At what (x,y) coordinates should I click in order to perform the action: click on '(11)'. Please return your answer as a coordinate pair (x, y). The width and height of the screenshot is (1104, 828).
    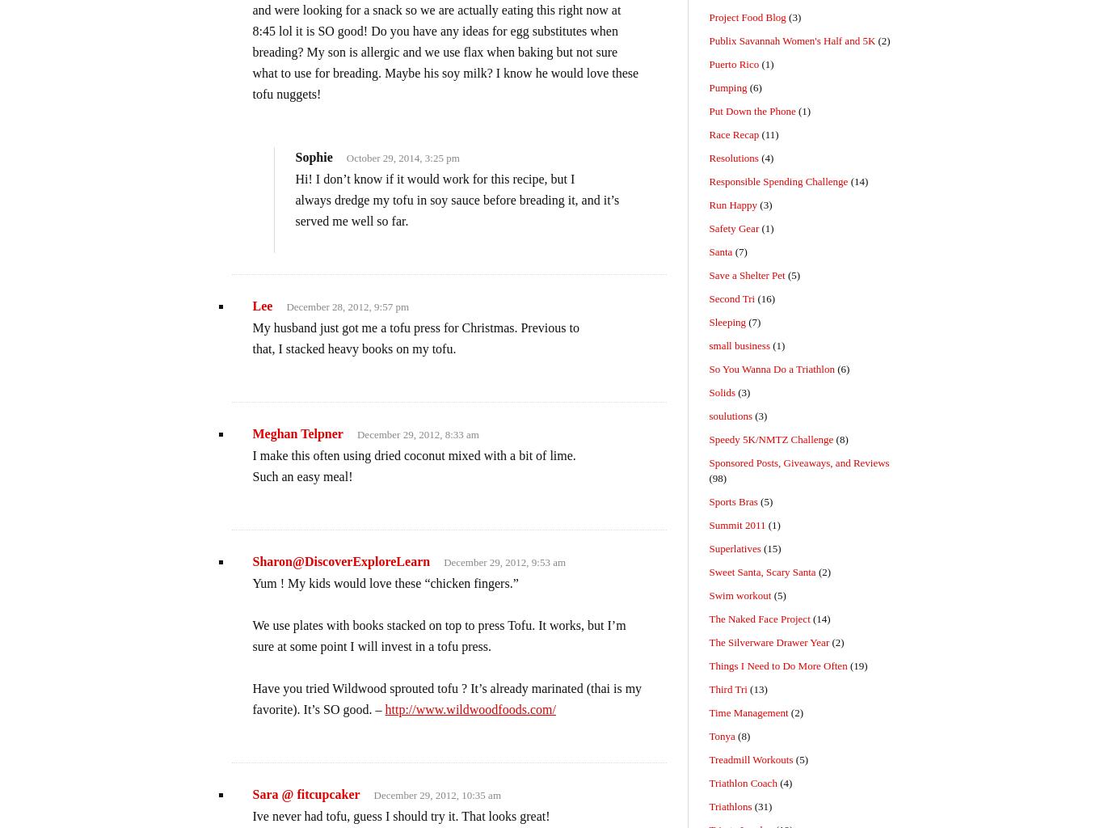
    Looking at the image, I should click on (758, 133).